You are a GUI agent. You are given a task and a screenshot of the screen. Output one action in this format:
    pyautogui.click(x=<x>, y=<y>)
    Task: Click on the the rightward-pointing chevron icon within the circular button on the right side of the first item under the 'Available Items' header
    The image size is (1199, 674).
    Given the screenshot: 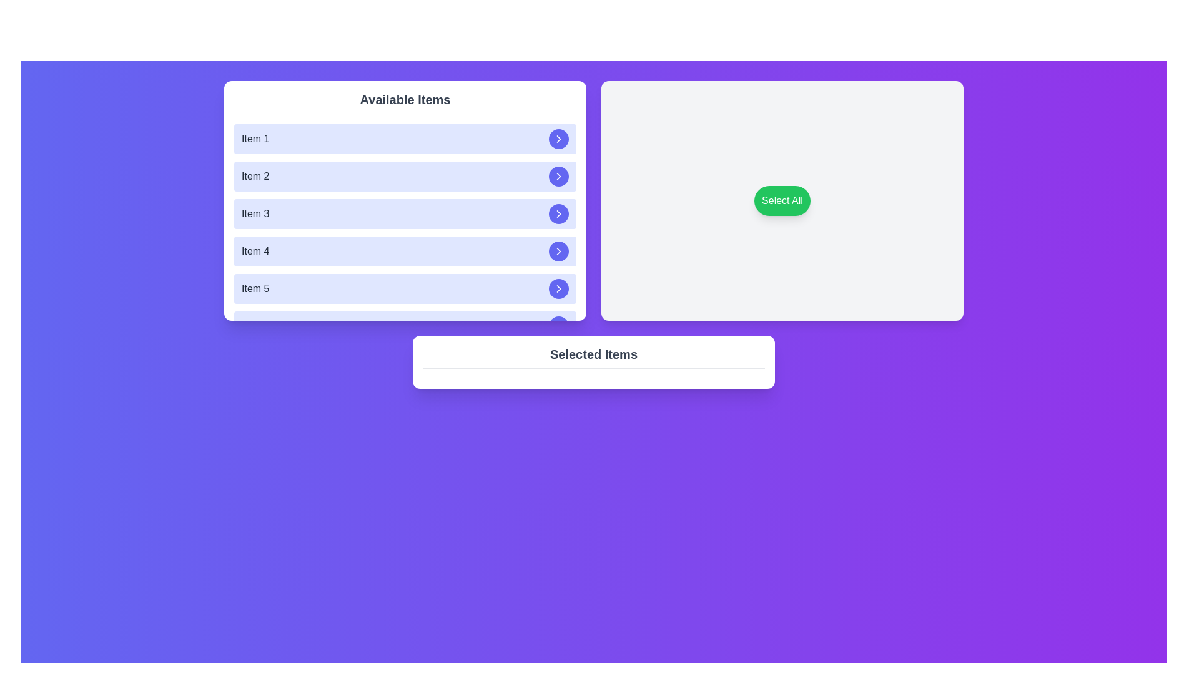 What is the action you would take?
    pyautogui.click(x=558, y=139)
    